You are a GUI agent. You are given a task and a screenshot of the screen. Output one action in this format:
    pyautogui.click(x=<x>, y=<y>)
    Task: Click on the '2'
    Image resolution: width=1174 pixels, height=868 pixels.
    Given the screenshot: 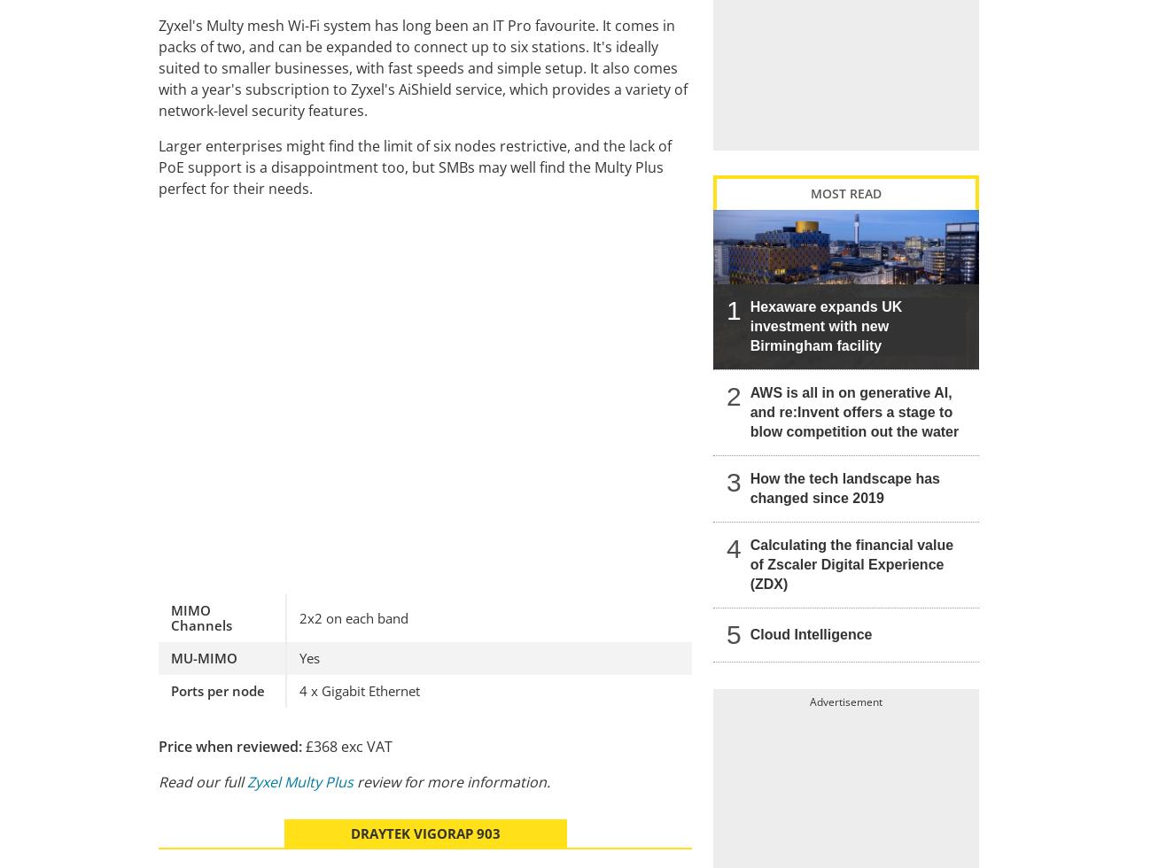 What is the action you would take?
    pyautogui.click(x=727, y=395)
    